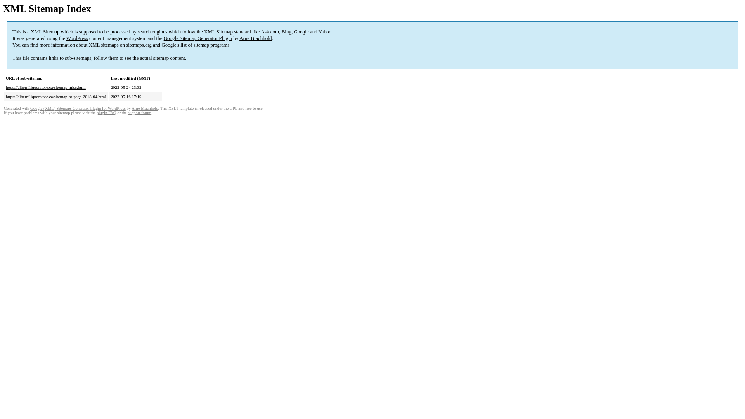  Describe the element at coordinates (198, 38) in the screenshot. I see `'Google Sitemap Generator Plugin'` at that location.